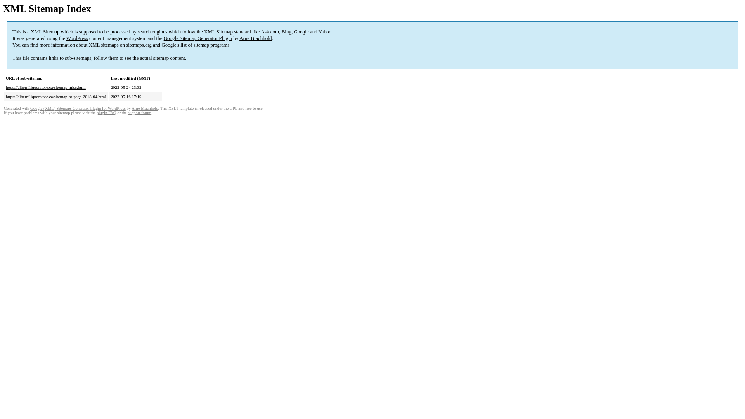  Describe the element at coordinates (198, 38) in the screenshot. I see `'Google Sitemap Generator Plugin'` at that location.